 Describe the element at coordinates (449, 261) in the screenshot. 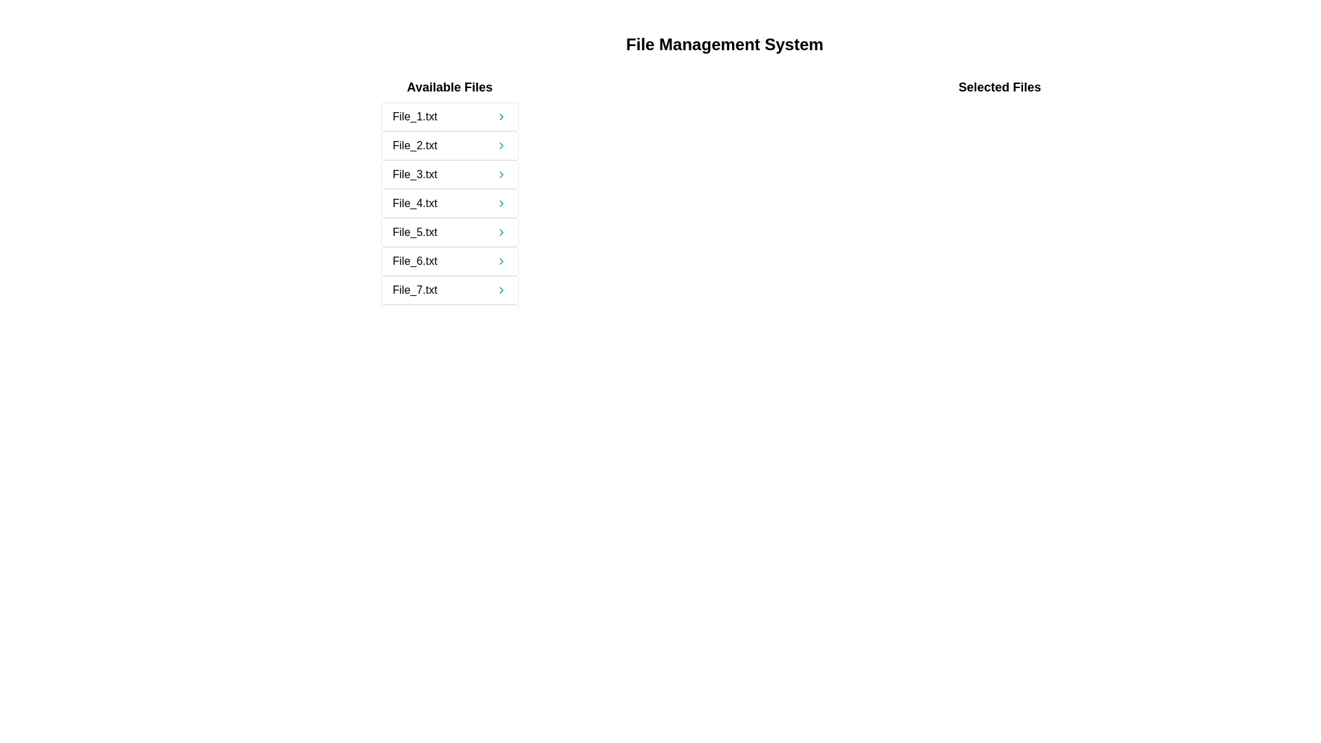

I see `the selectable row representing 'File_6.txt' in the list of available files` at that location.